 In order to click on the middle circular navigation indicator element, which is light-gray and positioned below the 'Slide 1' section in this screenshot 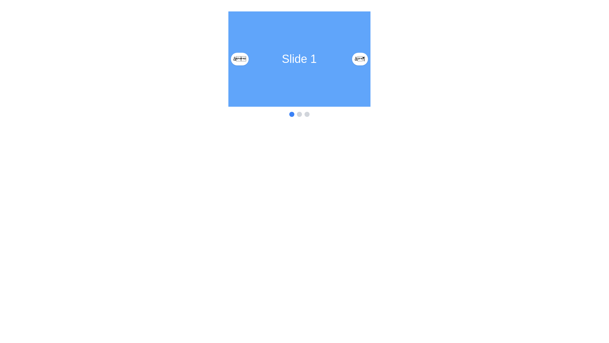, I will do `click(299, 114)`.